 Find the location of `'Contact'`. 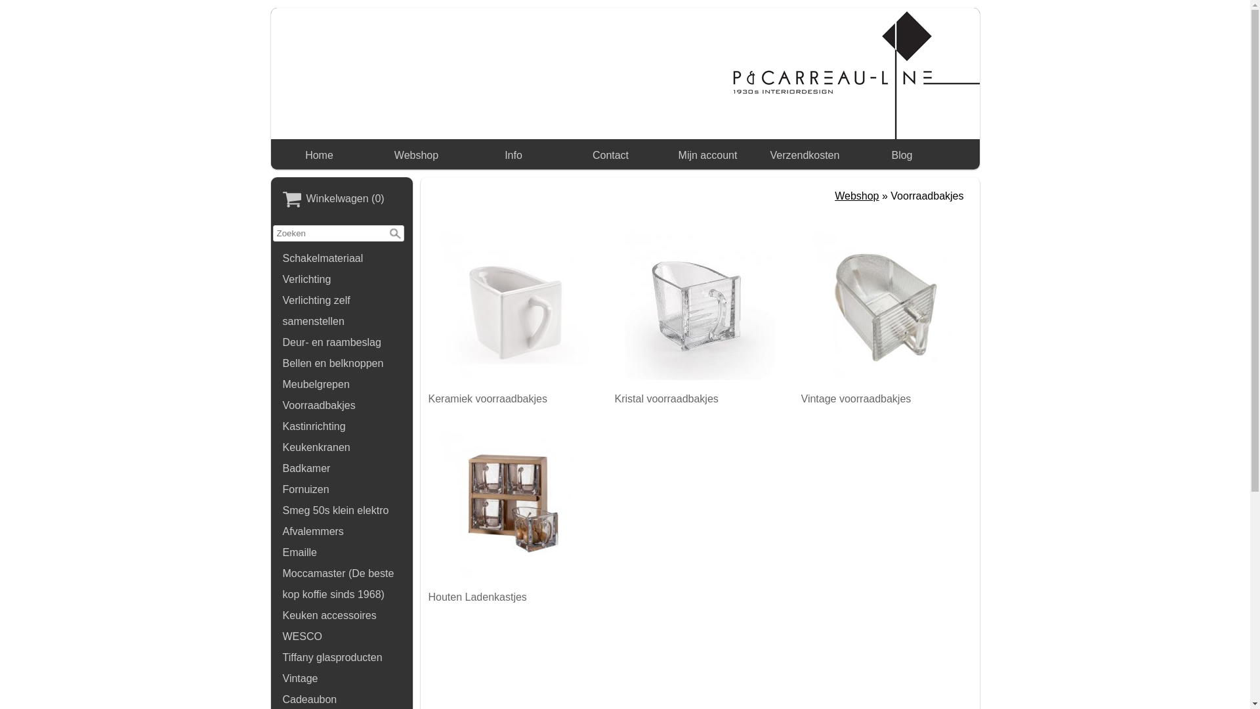

'Contact' is located at coordinates (610, 154).